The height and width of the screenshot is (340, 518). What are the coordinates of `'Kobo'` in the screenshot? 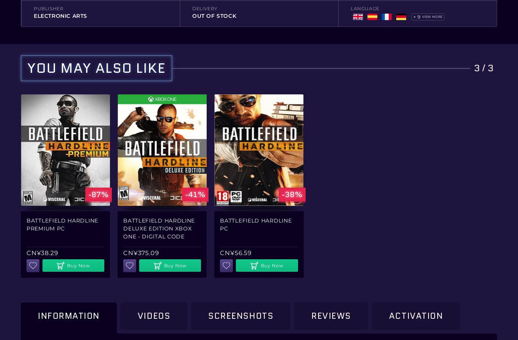 It's located at (199, 75).